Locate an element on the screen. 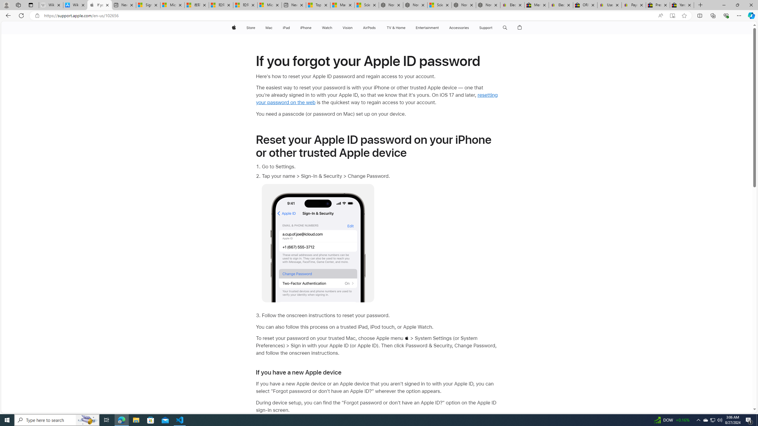 The width and height of the screenshot is (758, 426). 'Vision menu' is located at coordinates (354, 28).